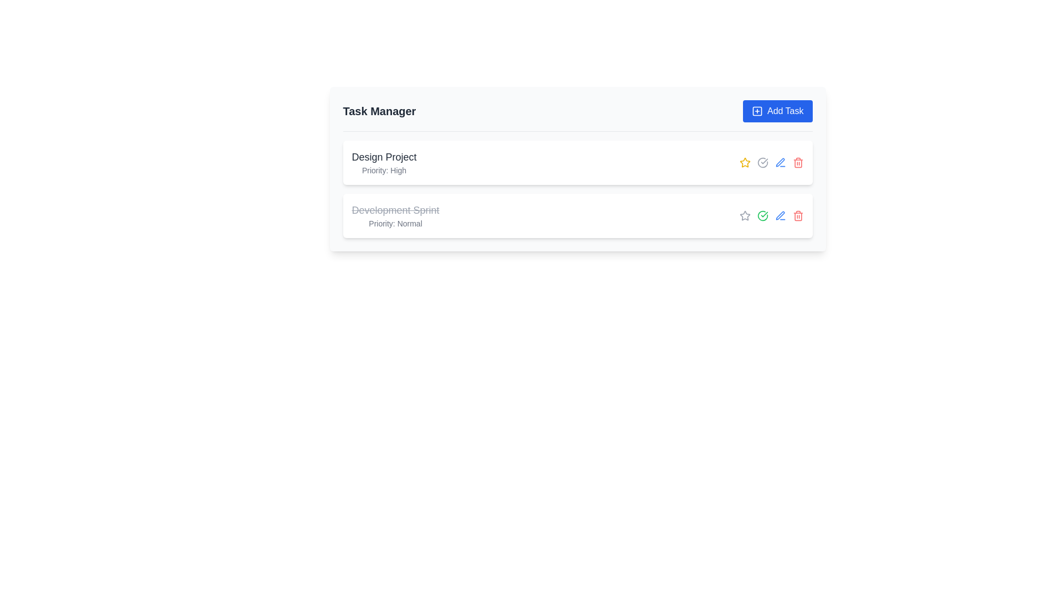  Describe the element at coordinates (395, 215) in the screenshot. I see `the static text display component that shows the task labeled 'Development Sprint' with a priority status of 'Normal', indicating it is completed or inactive` at that location.